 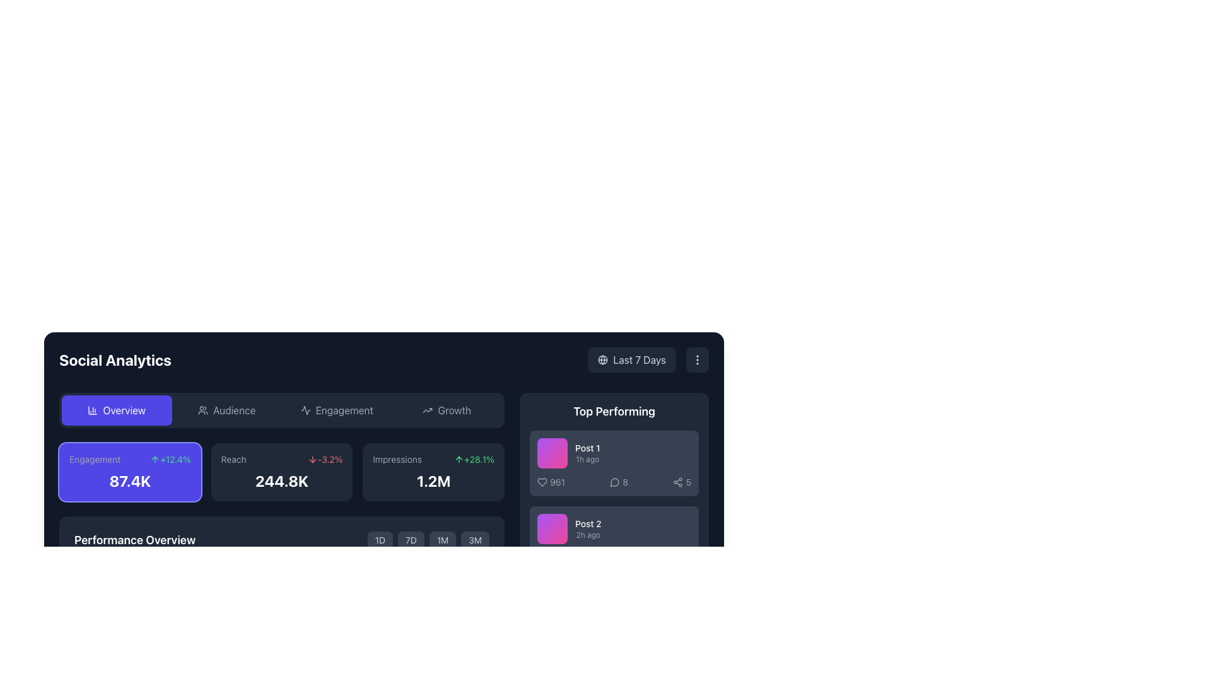 I want to click on the heart-shaped icon with a hollow outline, located to the left of the numeric text '961' in the 'Top Performing' widget of 'Post 1', so click(x=542, y=482).